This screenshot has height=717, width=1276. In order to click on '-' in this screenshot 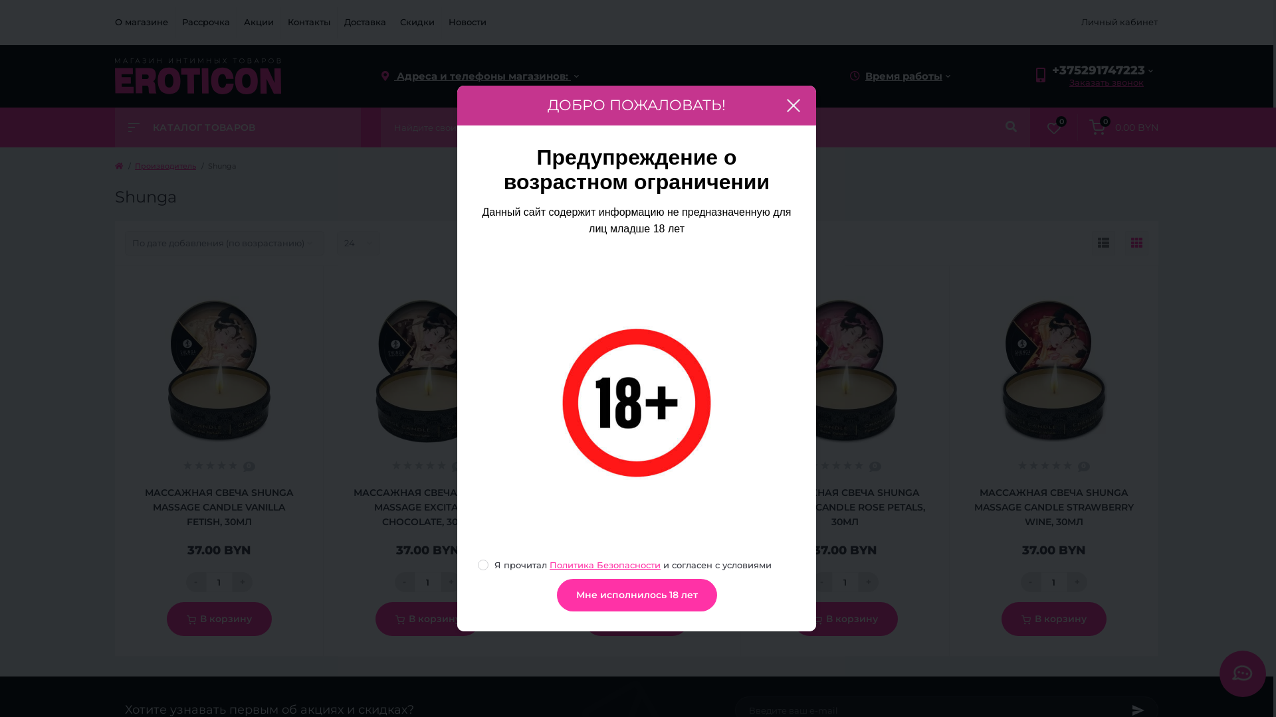, I will do `click(1020, 581)`.